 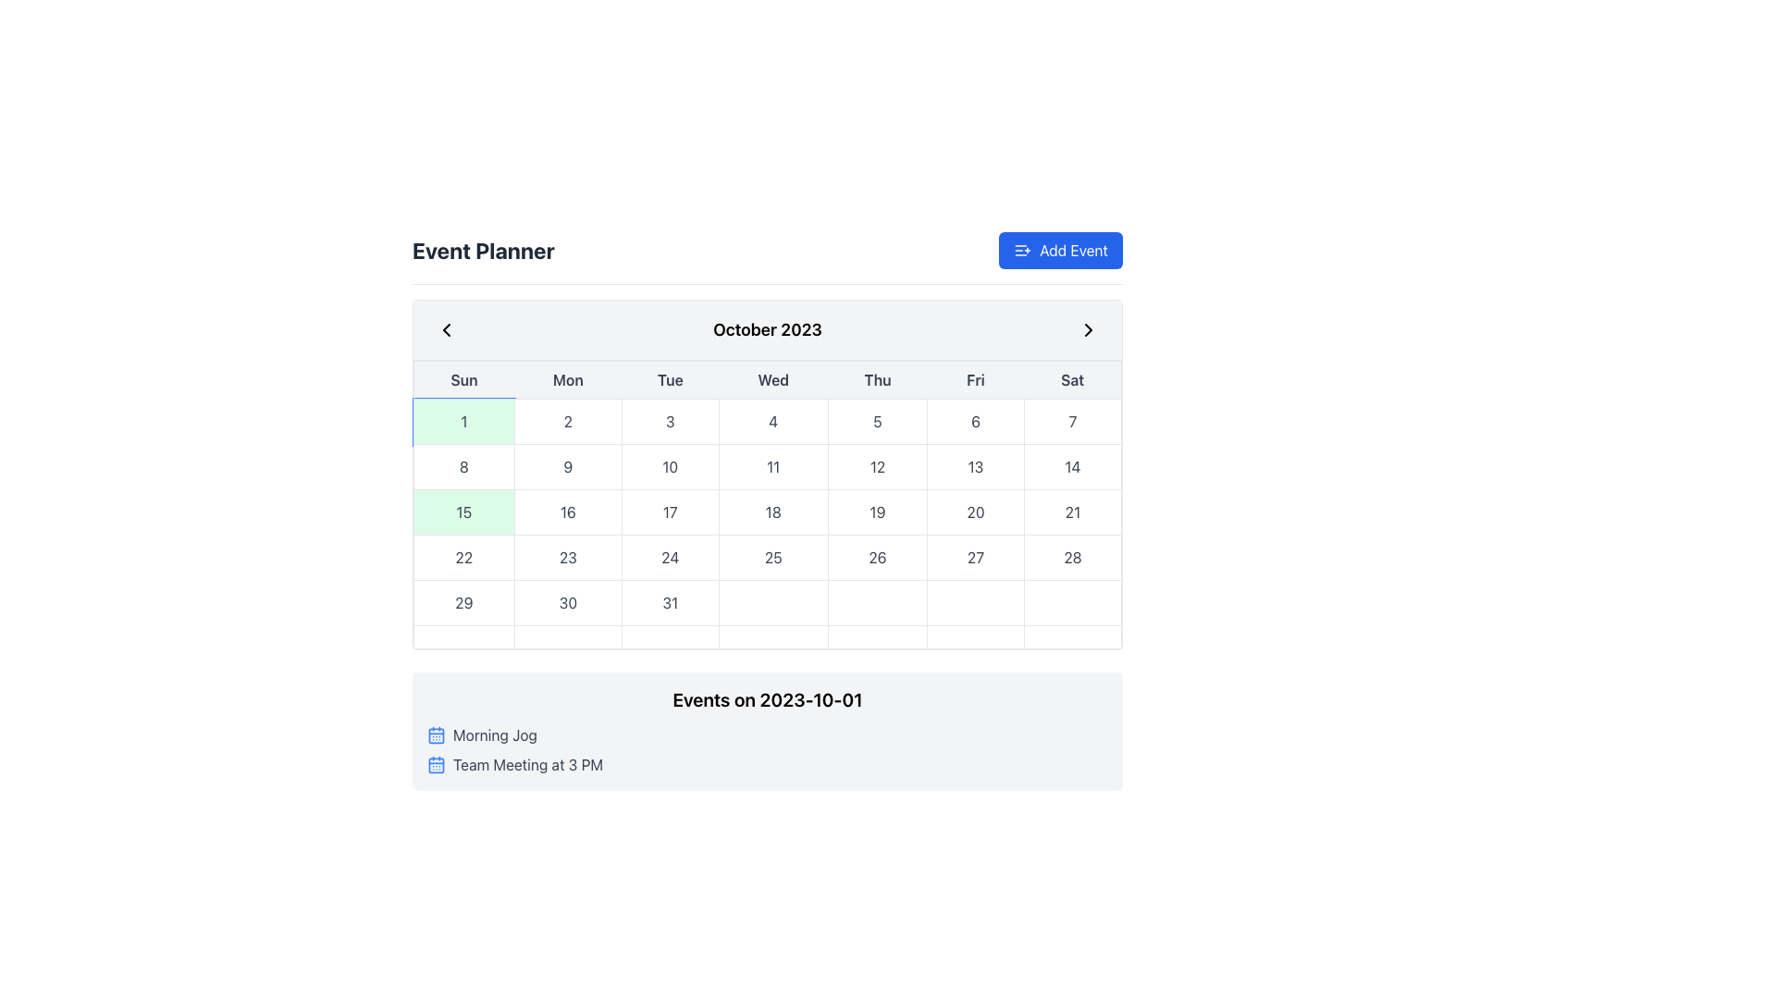 What do you see at coordinates (463, 379) in the screenshot?
I see `the text label displaying 'Sun' with a light gray background, located at the top-left corner of the table beneath the 'October 2023' header` at bounding box center [463, 379].